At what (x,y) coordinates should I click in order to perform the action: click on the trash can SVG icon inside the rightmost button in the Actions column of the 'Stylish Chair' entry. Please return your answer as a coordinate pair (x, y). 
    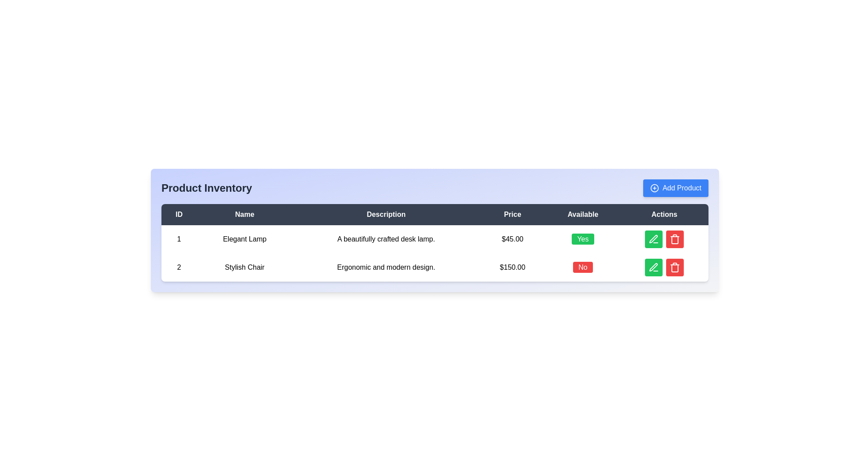
    Looking at the image, I should click on (675, 267).